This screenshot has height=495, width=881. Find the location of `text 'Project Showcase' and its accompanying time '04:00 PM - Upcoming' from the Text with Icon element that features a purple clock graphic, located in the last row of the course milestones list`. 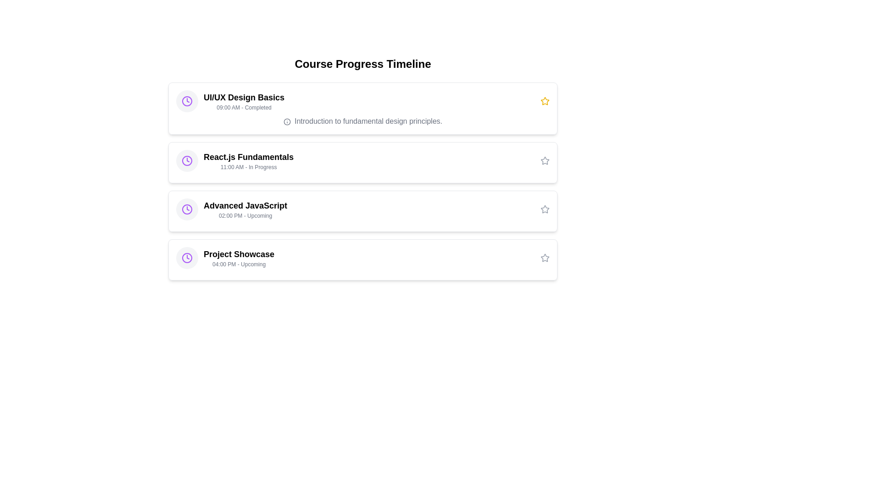

text 'Project Showcase' and its accompanying time '04:00 PM - Upcoming' from the Text with Icon element that features a purple clock graphic, located in the last row of the course milestones list is located at coordinates (225, 258).